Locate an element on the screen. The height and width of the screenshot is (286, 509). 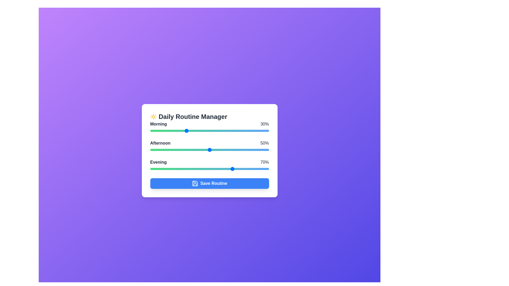
the Evening task slider to 75% is located at coordinates (239, 169).